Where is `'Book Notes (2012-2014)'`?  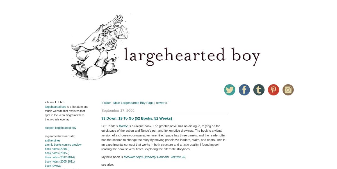 'Book Notes (2012-2014)' is located at coordinates (60, 157).